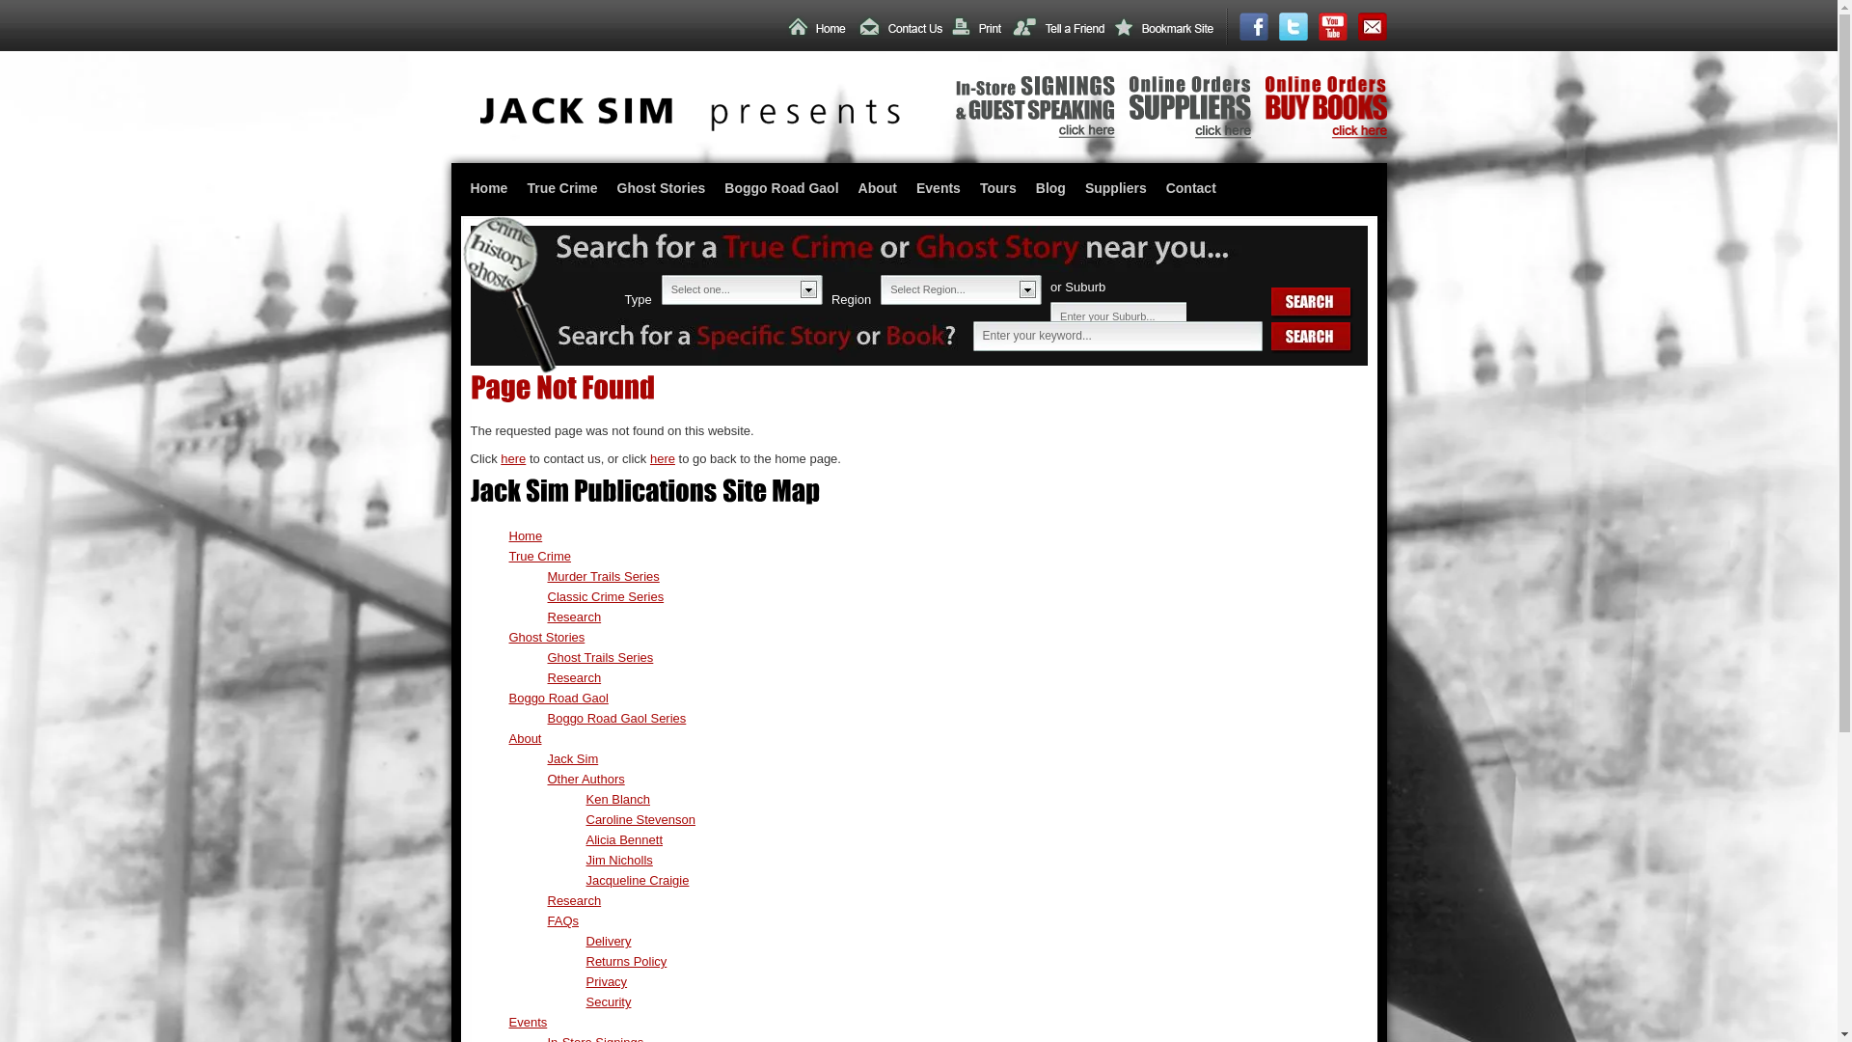 Image resolution: width=1852 pixels, height=1042 pixels. Describe the element at coordinates (877, 189) in the screenshot. I see `'About'` at that location.